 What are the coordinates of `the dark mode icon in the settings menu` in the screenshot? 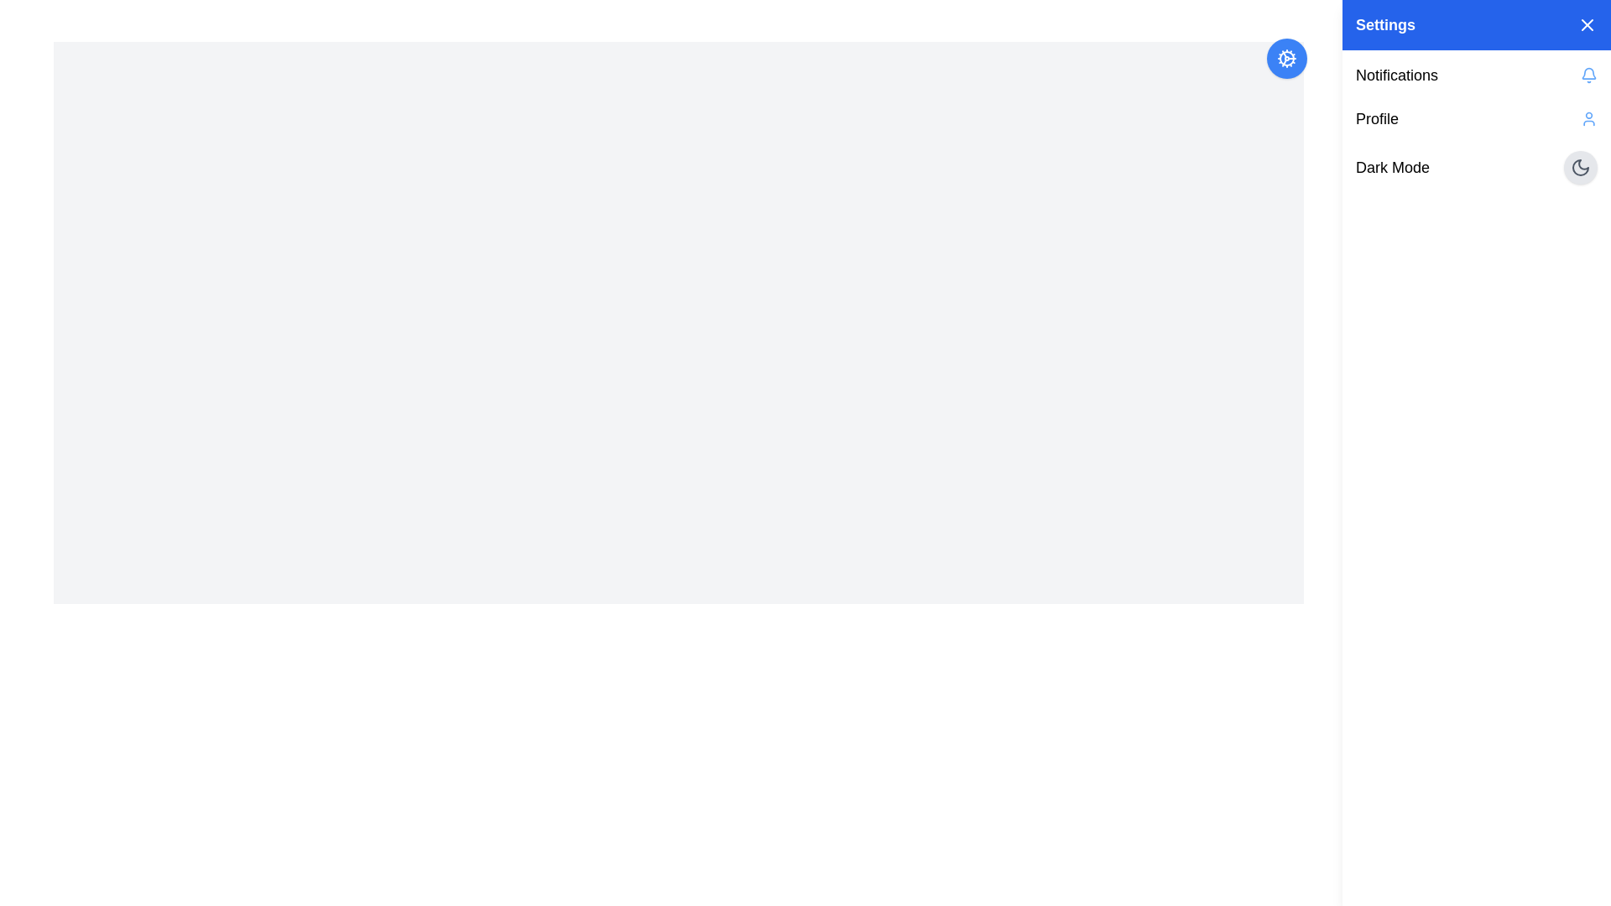 It's located at (1579, 168).